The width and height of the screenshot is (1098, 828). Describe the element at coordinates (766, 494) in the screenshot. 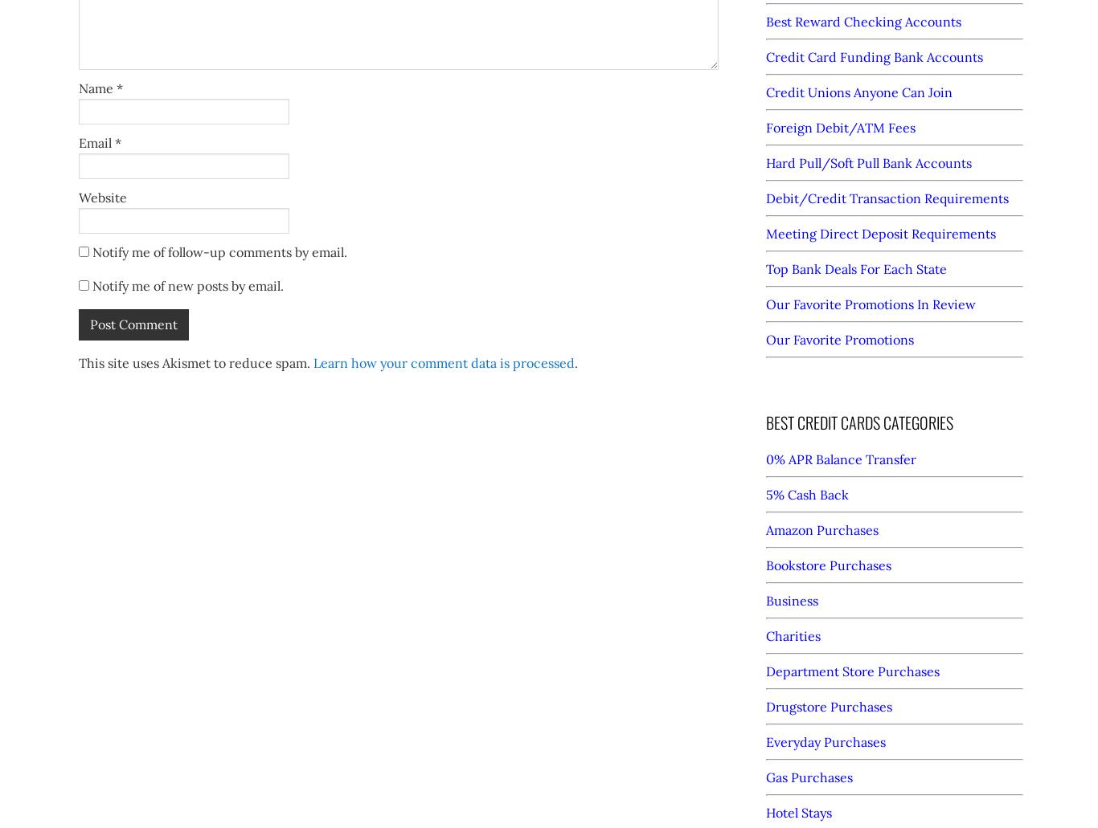

I see `'5% Cash Back'` at that location.